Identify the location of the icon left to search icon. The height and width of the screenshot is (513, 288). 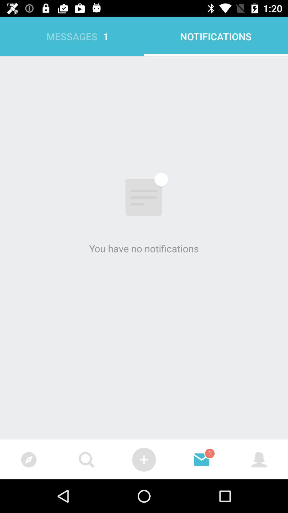
(29, 459).